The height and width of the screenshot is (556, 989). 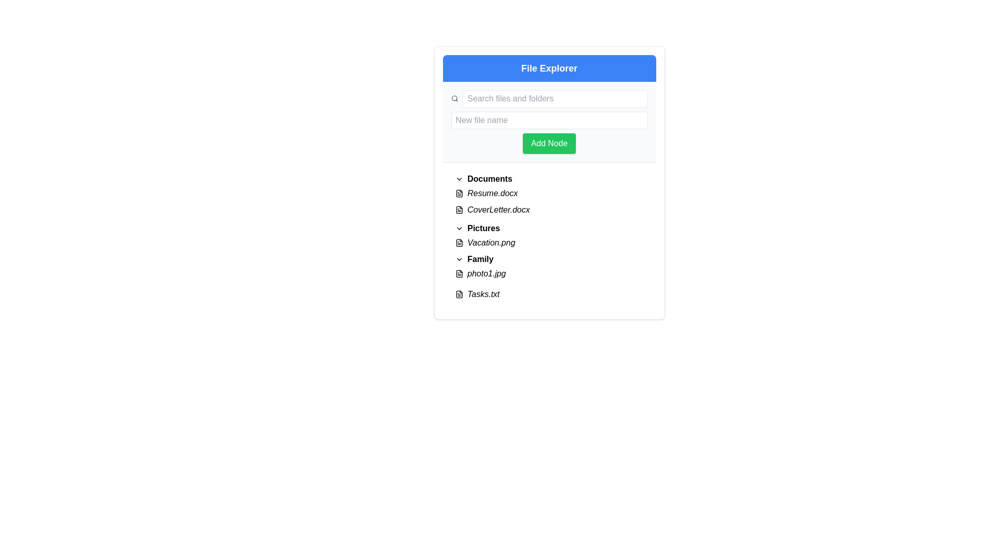 What do you see at coordinates (549, 242) in the screenshot?
I see `the file entry labeled 'Vacation.png' located under the 'Pictures' directory in the file explorer` at bounding box center [549, 242].